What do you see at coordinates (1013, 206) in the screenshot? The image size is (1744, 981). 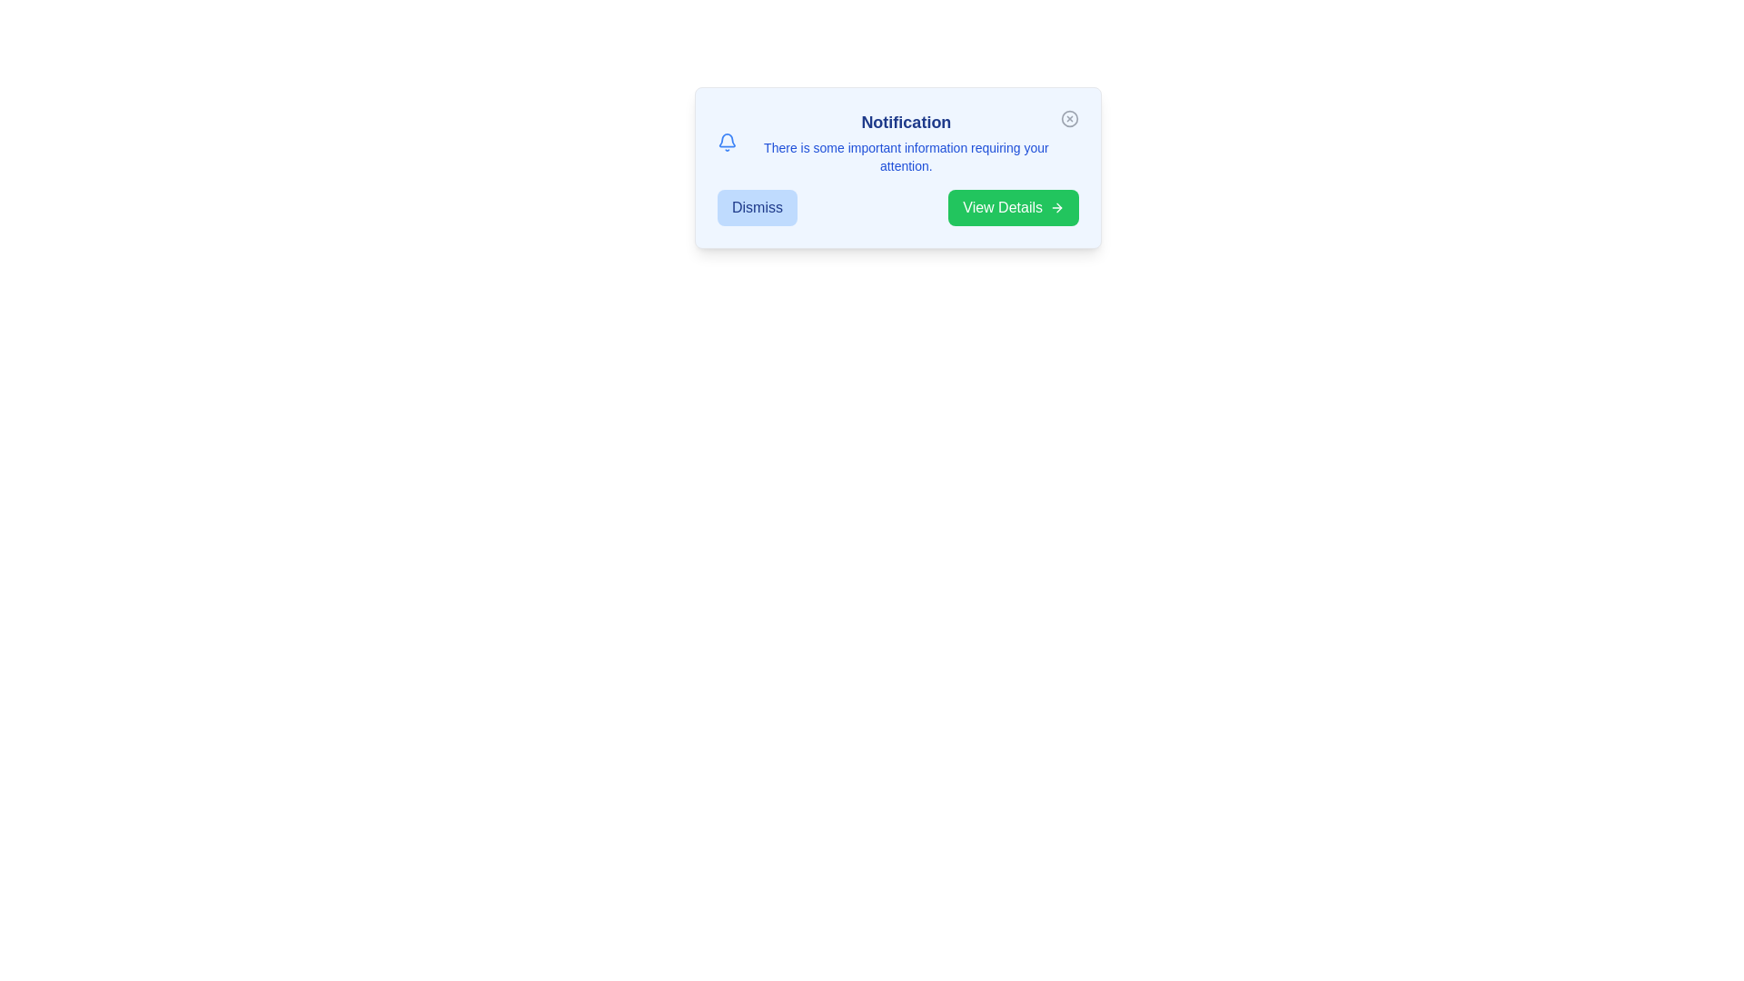 I see `the 'View Details' button to see the hover effect` at bounding box center [1013, 206].